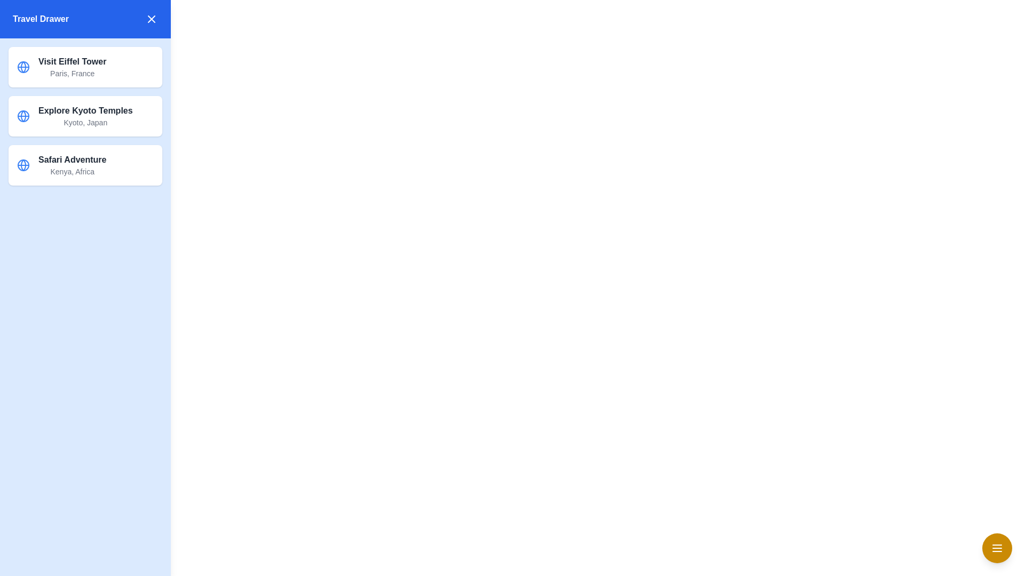 This screenshot has width=1025, height=576. I want to click on the close button represented by an 'X' icon located at the top-right corner of the blue navigation drawer header labeled 'Travel Drawer', so click(151, 19).